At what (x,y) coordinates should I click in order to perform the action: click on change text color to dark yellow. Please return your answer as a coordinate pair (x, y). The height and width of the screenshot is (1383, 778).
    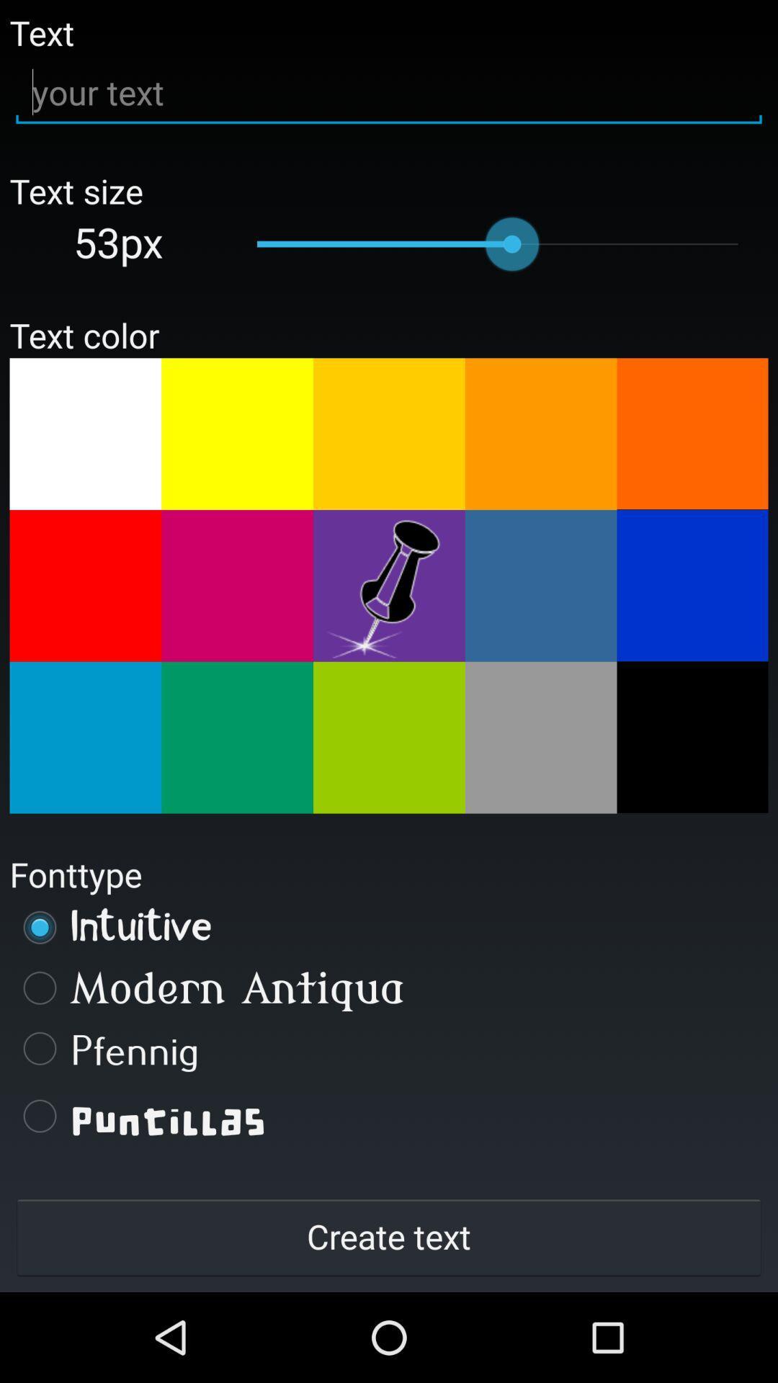
    Looking at the image, I should click on (389, 433).